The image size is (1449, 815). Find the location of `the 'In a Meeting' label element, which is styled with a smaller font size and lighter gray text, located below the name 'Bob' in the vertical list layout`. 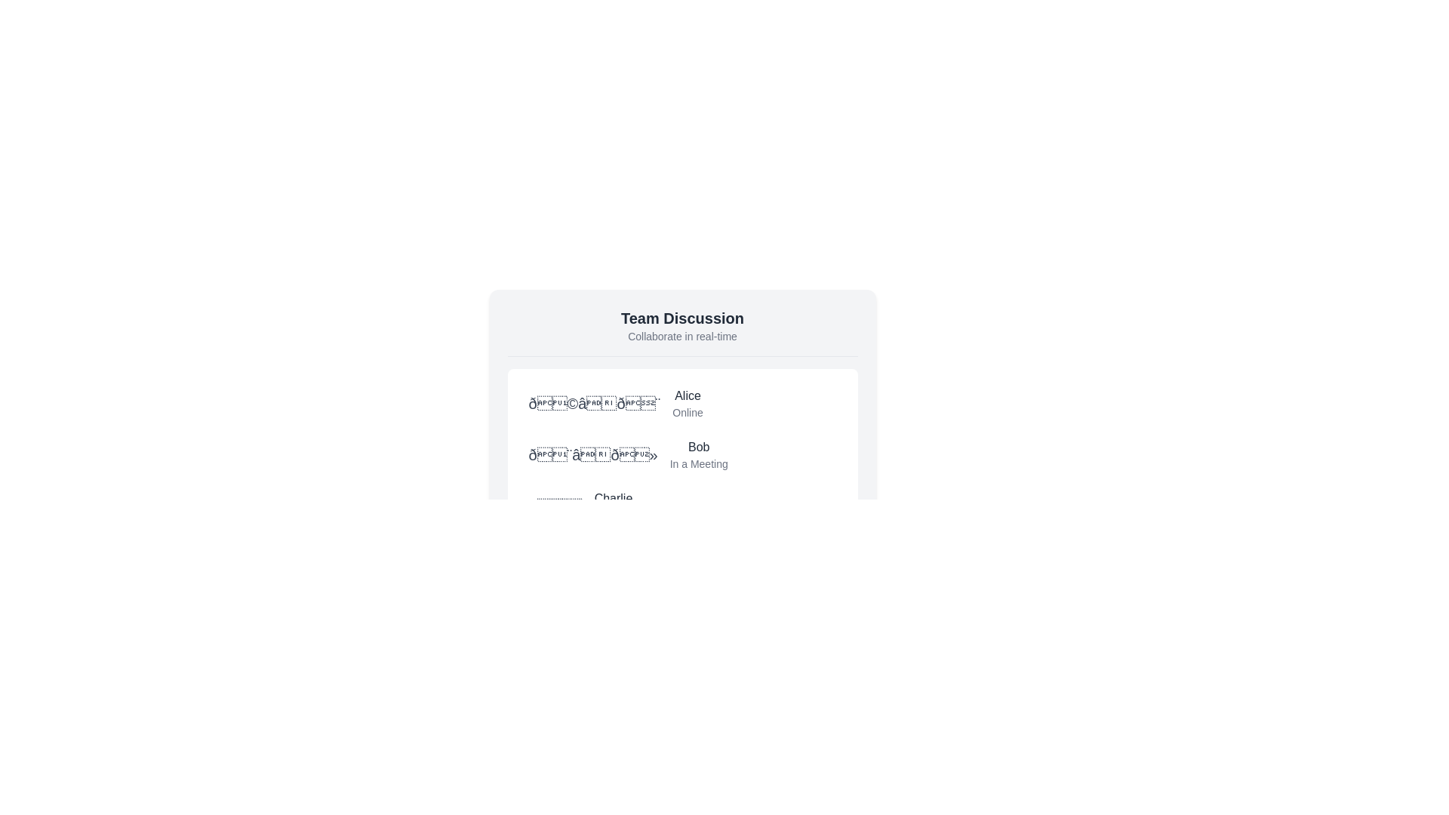

the 'In a Meeting' label element, which is styled with a smaller font size and lighter gray text, located below the name 'Bob' in the vertical list layout is located at coordinates (698, 463).